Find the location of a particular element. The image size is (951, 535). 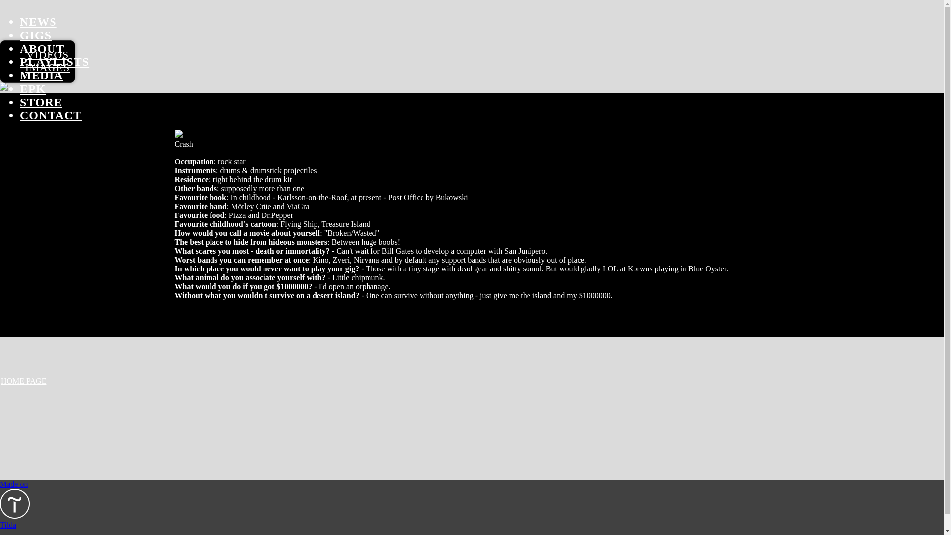

'EPK' is located at coordinates (33, 88).